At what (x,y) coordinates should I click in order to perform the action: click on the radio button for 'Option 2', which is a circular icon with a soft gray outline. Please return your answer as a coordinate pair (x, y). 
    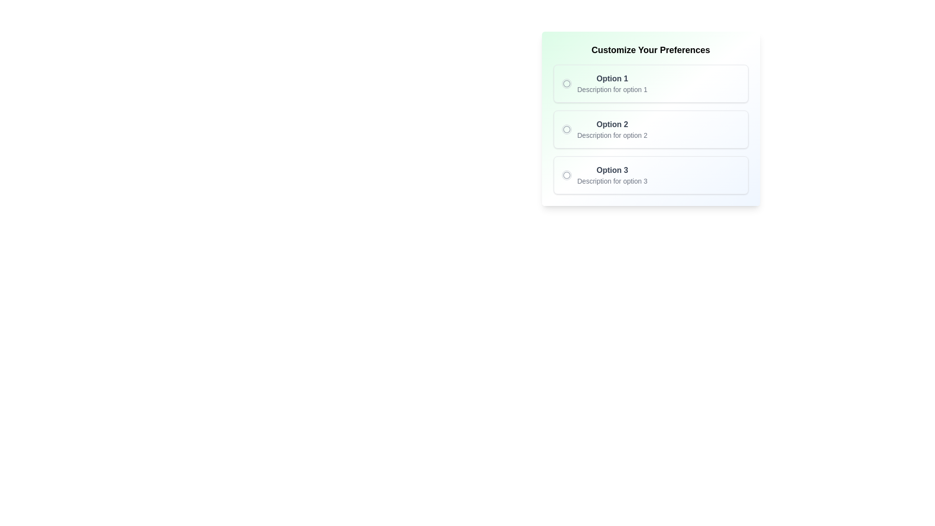
    Looking at the image, I should click on (566, 129).